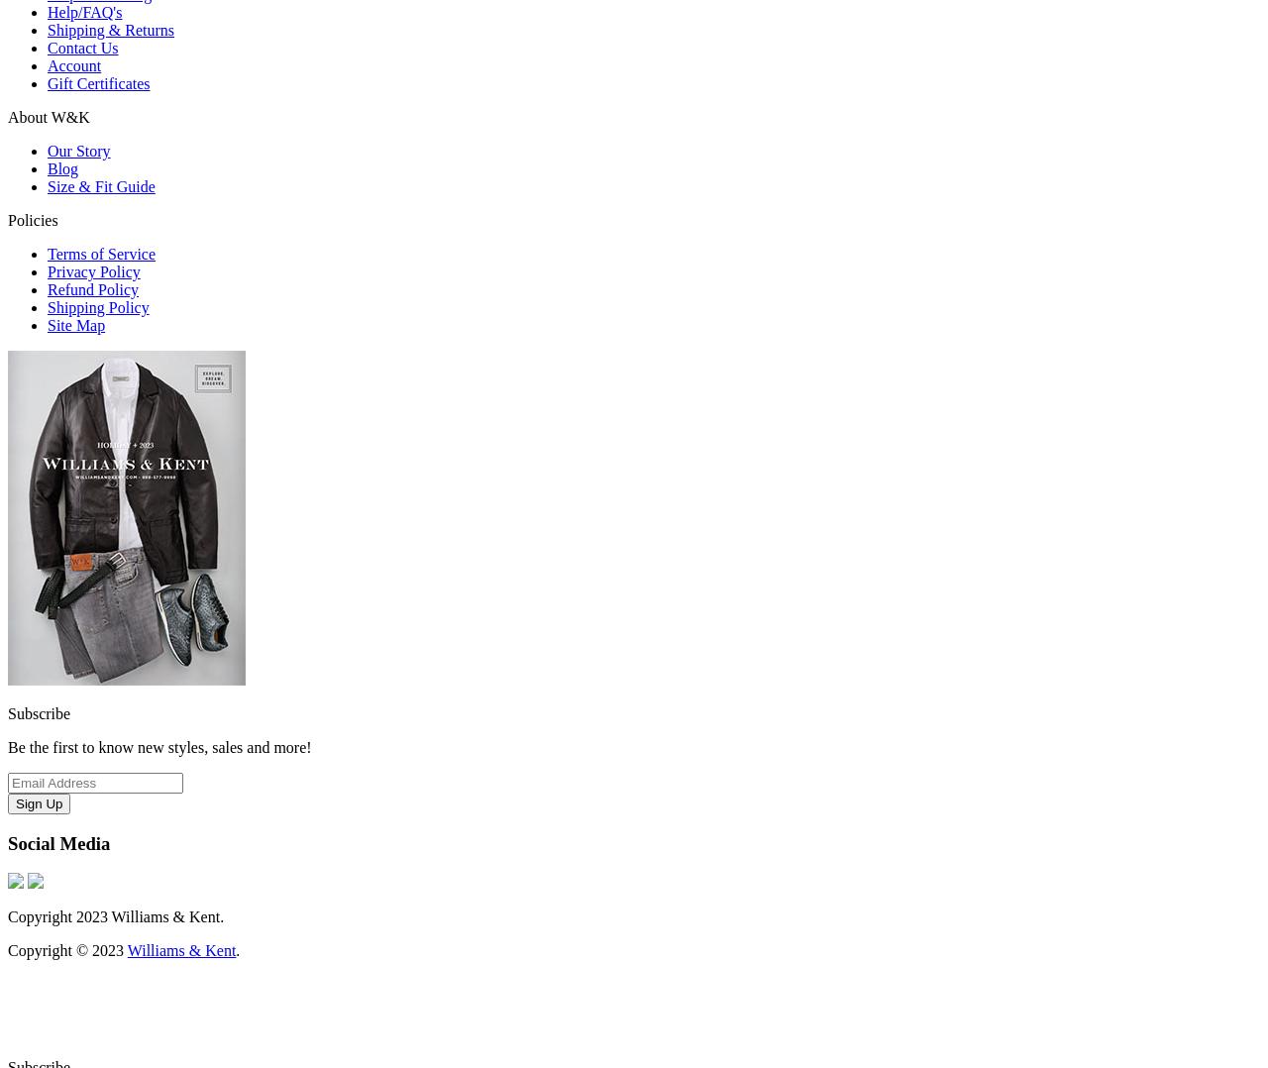  I want to click on 'Our Story', so click(78, 150).